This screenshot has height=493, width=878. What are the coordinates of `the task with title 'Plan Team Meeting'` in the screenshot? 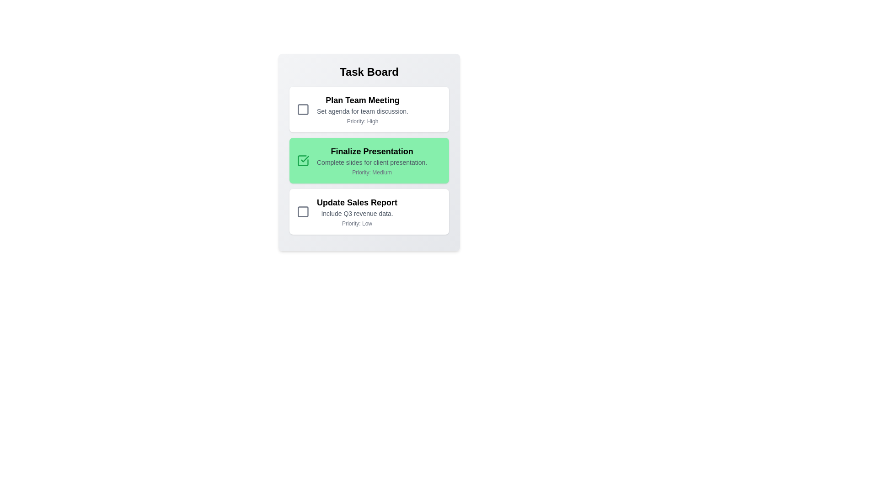 It's located at (369, 109).